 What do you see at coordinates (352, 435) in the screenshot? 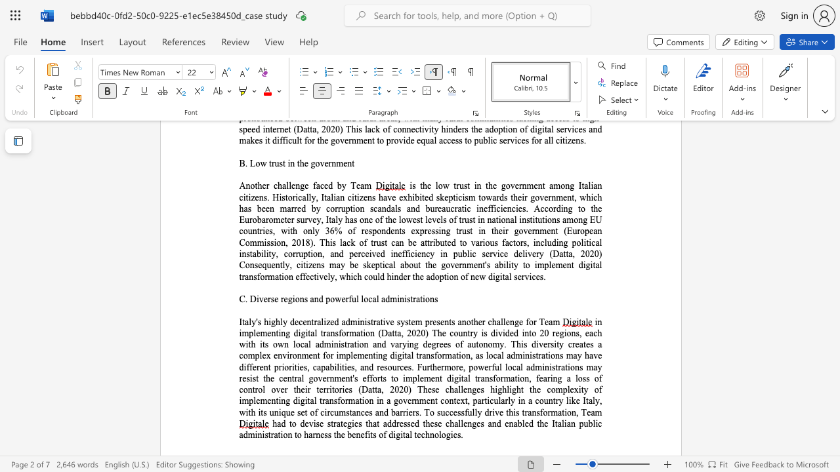
I see `the subset text "enefits of digital techn" within the text "had to devise strategies that addressed these challenges and enabled the Italian public administration to harness the benefits of digital technologies."` at bounding box center [352, 435].